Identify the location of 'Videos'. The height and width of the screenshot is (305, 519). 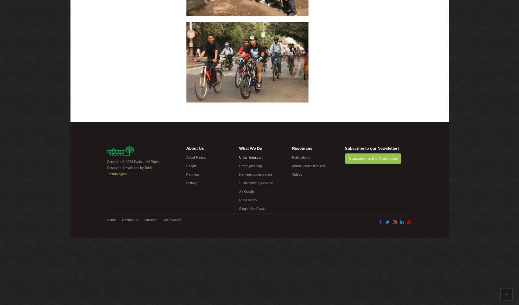
(297, 174).